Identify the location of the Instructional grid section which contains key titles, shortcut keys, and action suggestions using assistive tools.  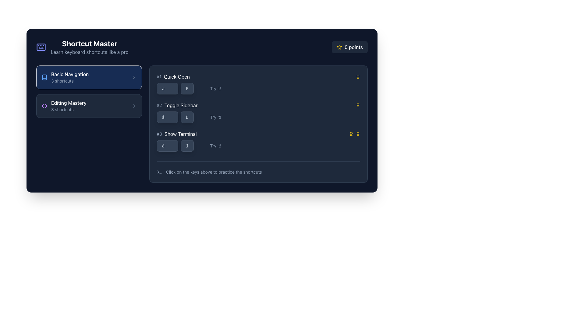
(258, 112).